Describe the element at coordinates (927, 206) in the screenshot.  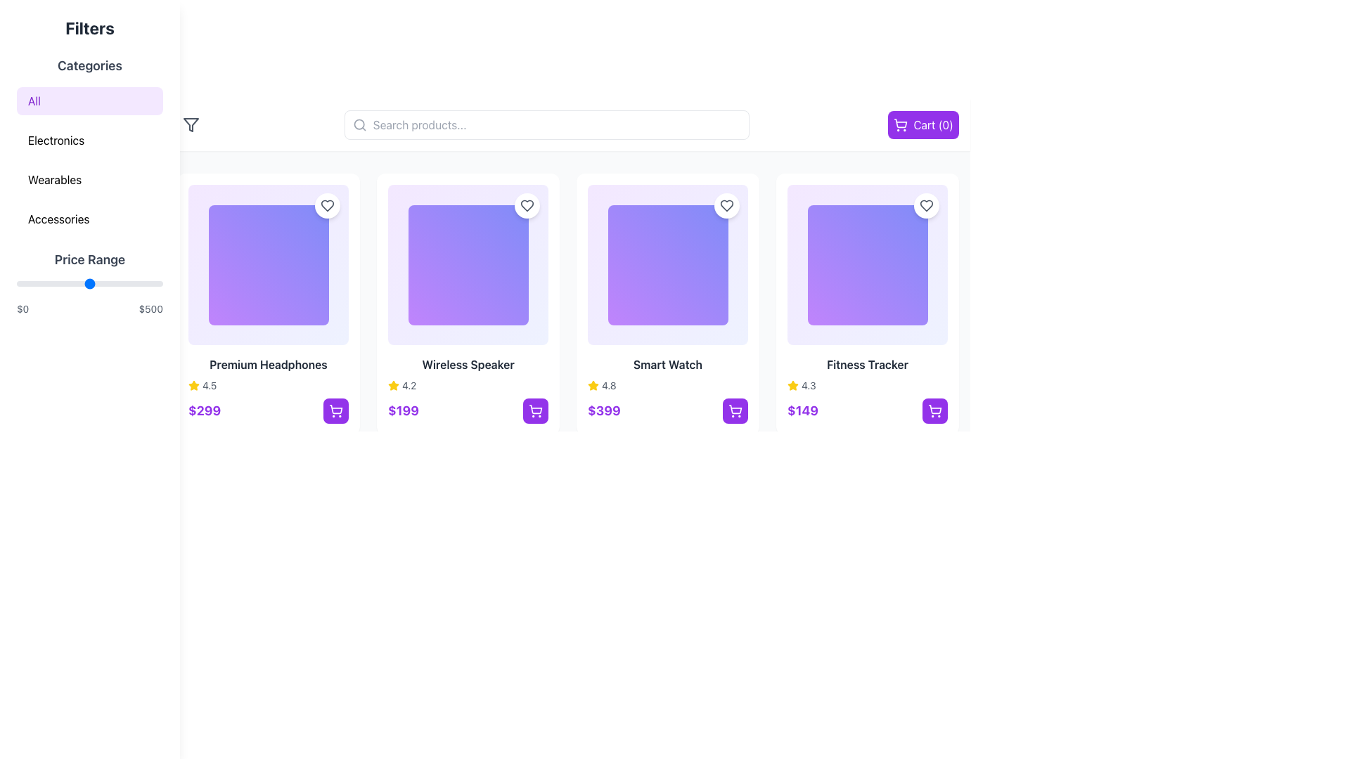
I see `the heart icon in the top-right corner of the 'Fitness Tracker' product card to like the item` at that location.